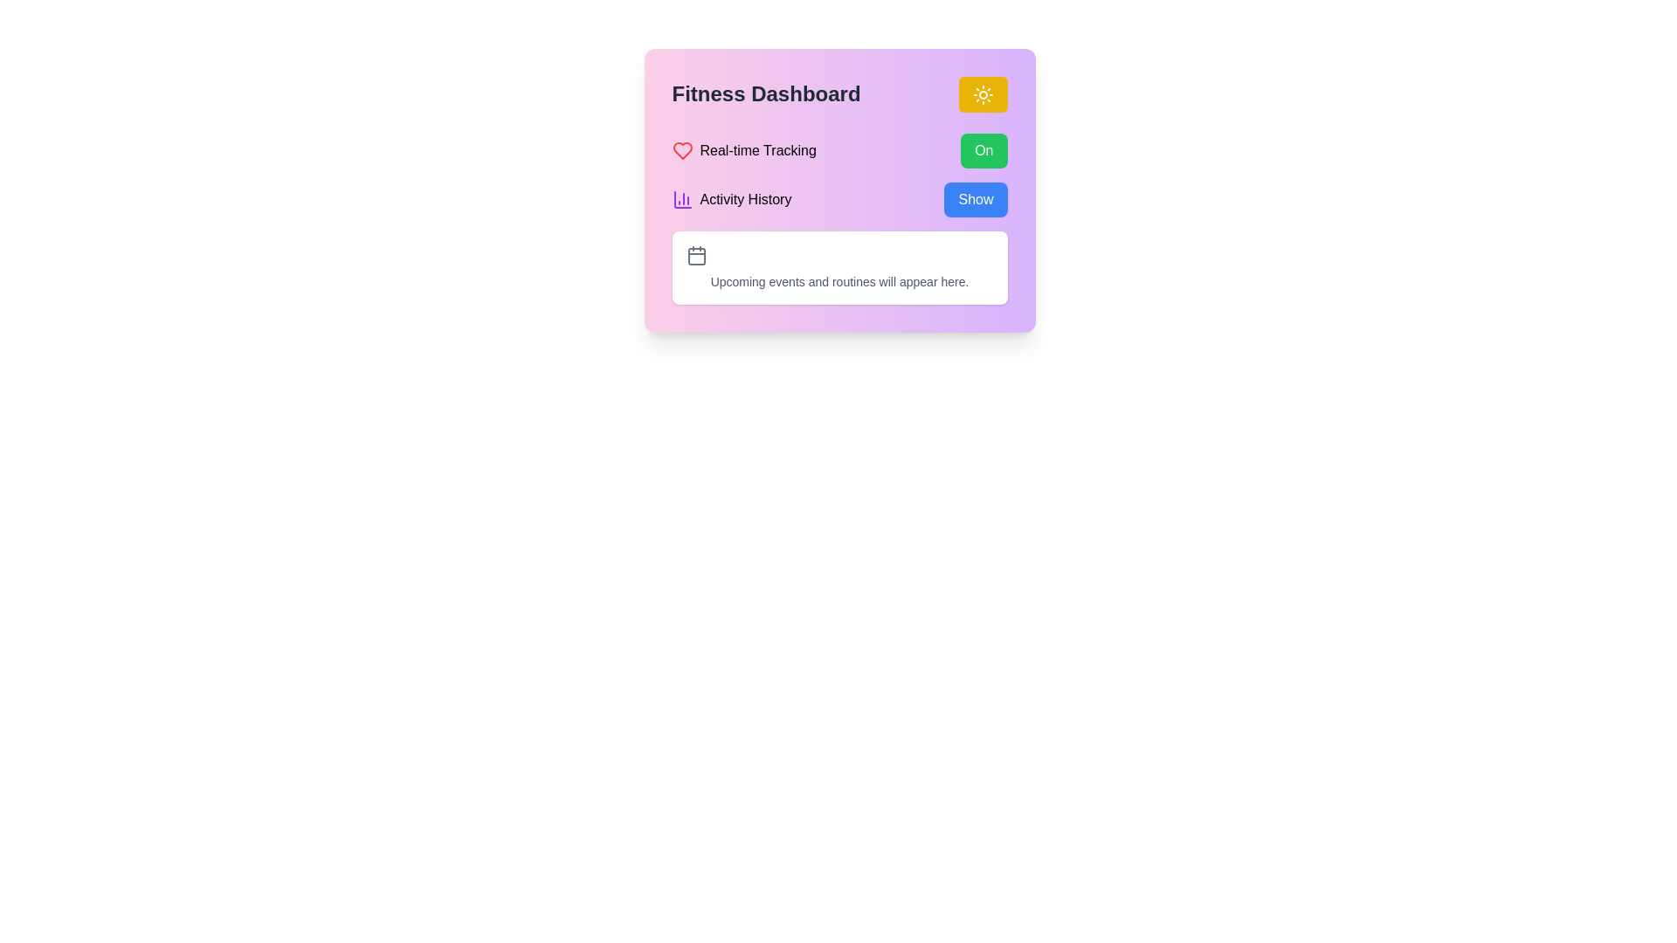 This screenshot has height=943, width=1677. I want to click on the small purple column chart icon located to the left of the 'Activity History' text, so click(681, 198).